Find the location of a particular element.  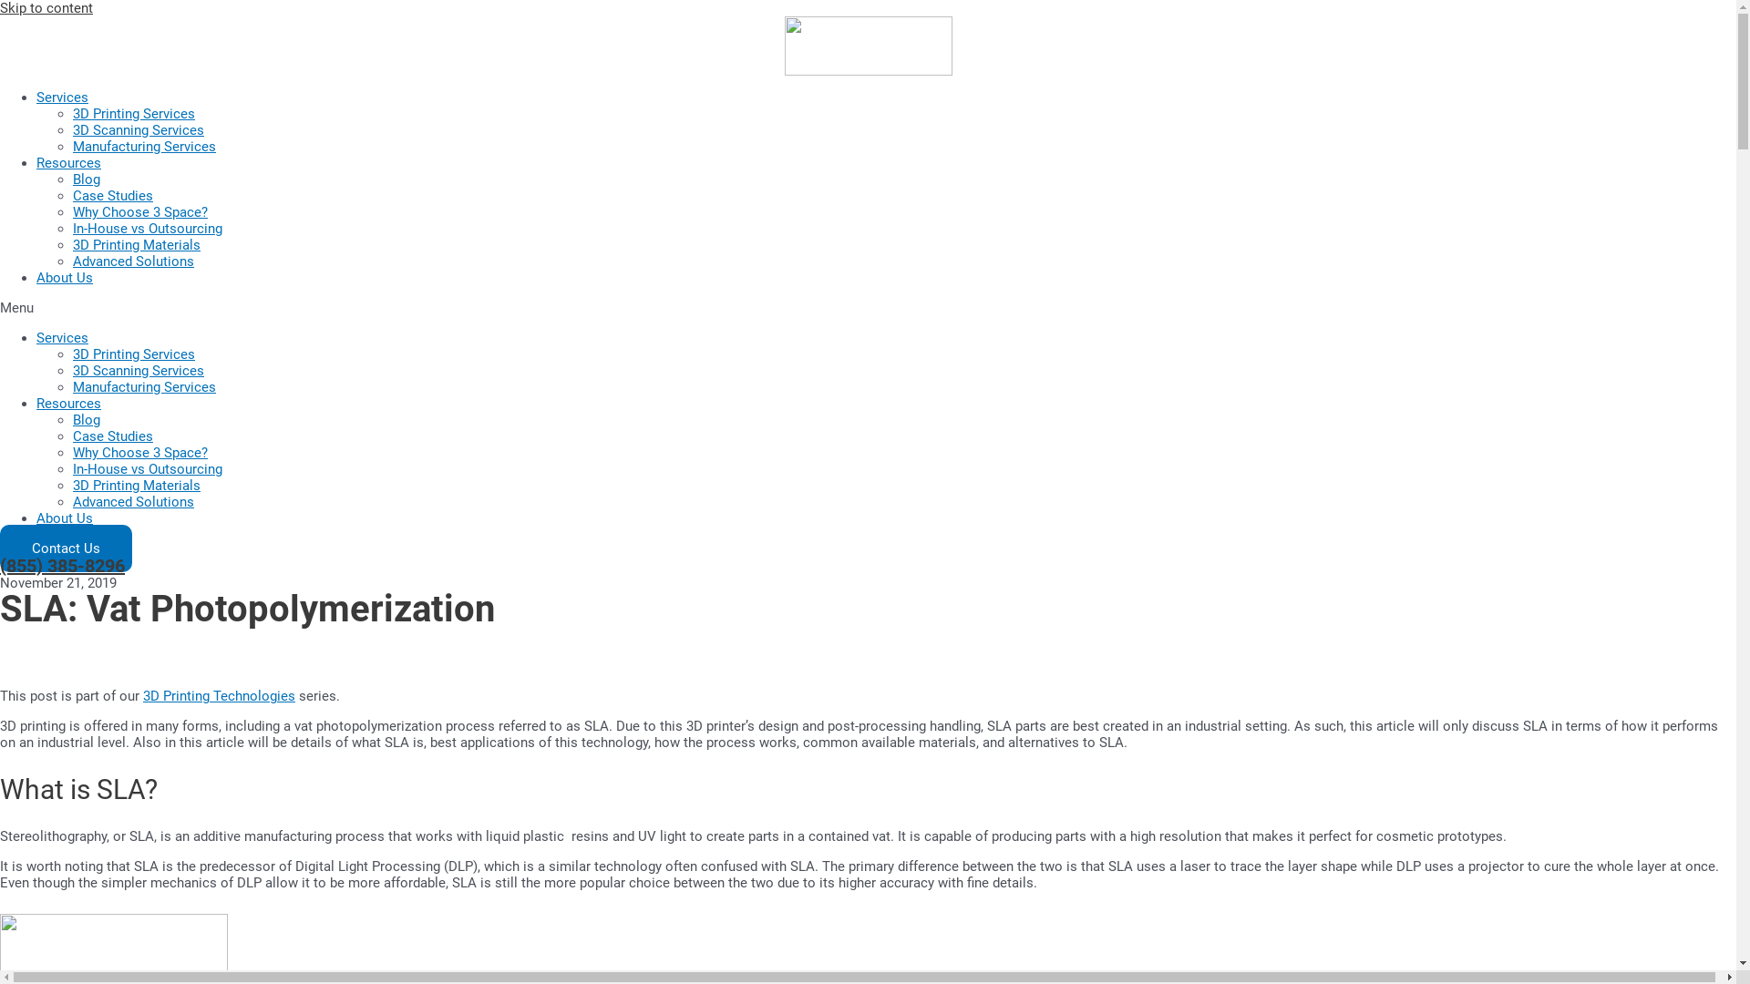

'Advanced Solutions' is located at coordinates (132, 502).